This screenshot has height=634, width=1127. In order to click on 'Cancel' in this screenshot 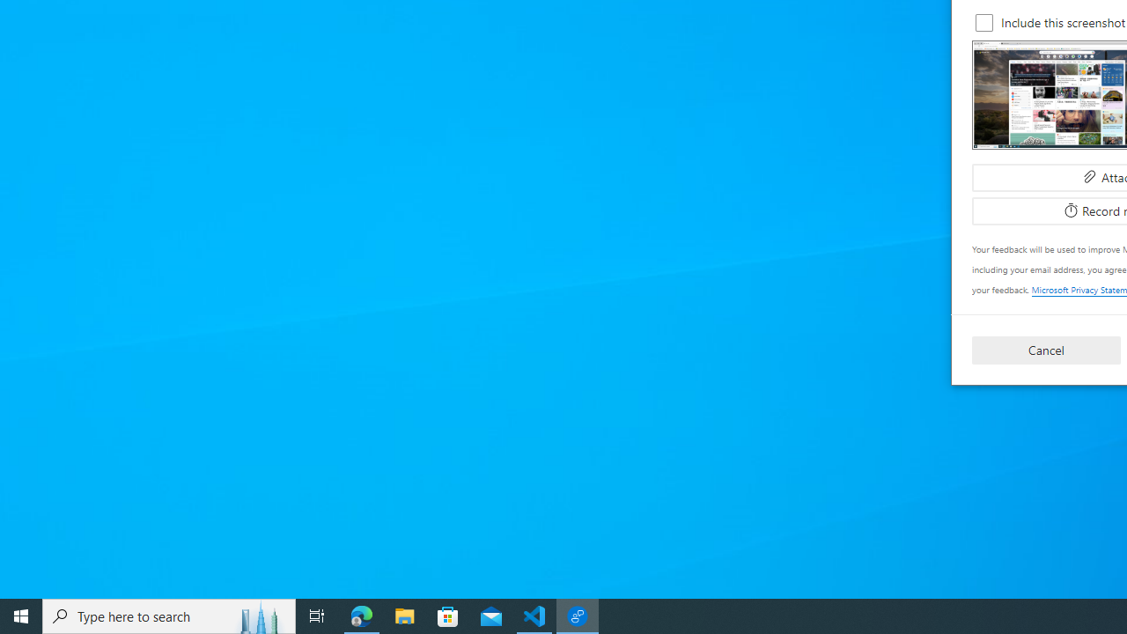, I will do `click(1046, 350)`.